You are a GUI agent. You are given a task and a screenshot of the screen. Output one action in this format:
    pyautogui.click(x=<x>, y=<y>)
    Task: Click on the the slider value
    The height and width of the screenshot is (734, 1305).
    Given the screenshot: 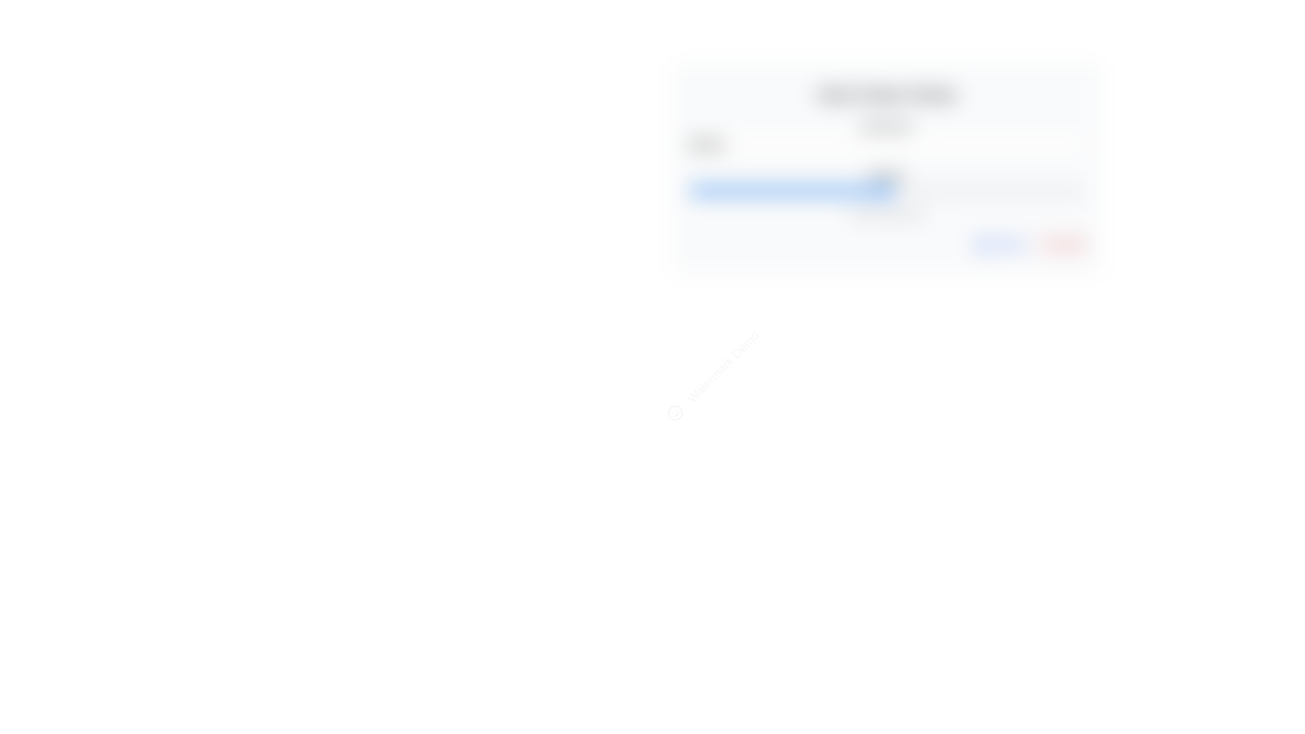 What is the action you would take?
    pyautogui.click(x=871, y=191)
    